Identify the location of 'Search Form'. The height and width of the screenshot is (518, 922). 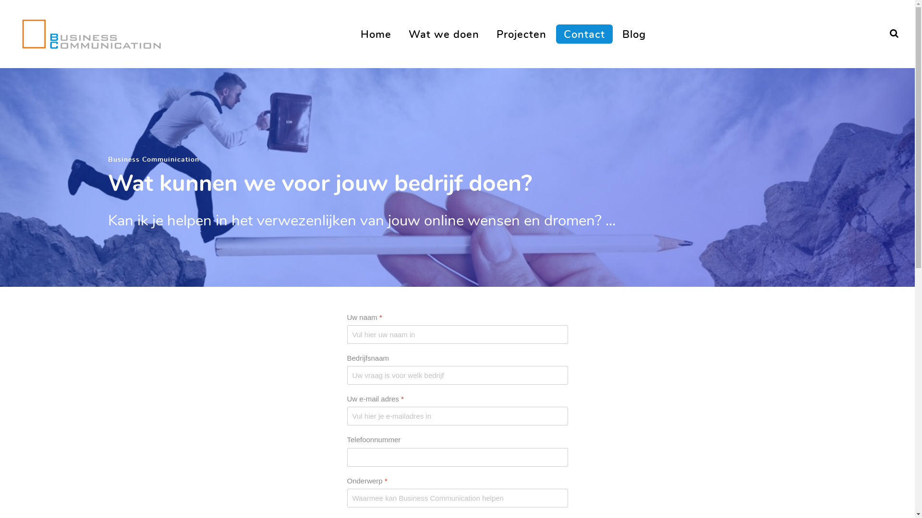
(894, 33).